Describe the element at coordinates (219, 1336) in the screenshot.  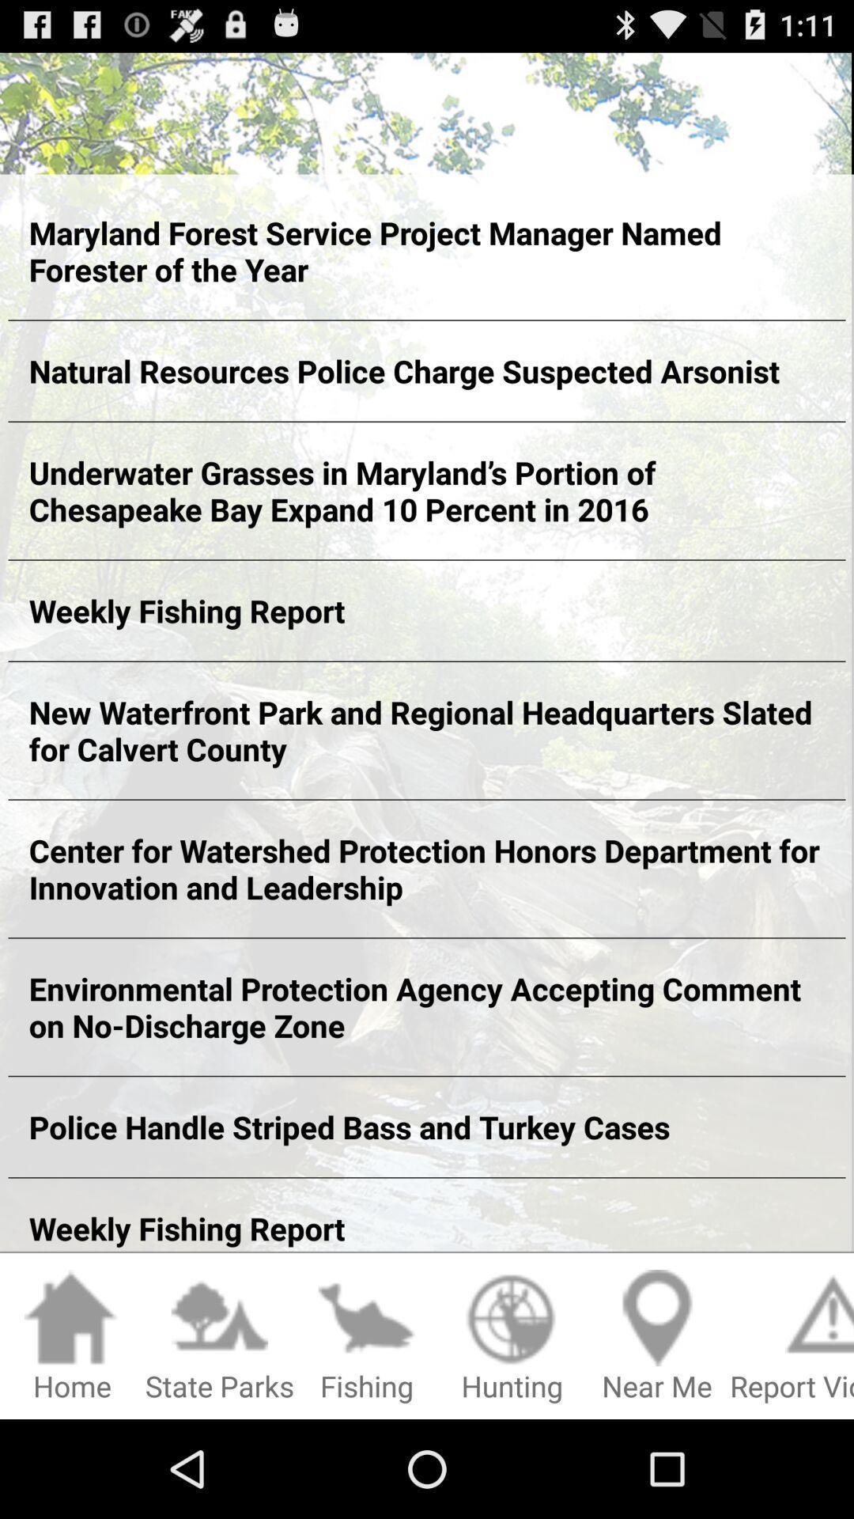
I see `icon next to the home item` at that location.